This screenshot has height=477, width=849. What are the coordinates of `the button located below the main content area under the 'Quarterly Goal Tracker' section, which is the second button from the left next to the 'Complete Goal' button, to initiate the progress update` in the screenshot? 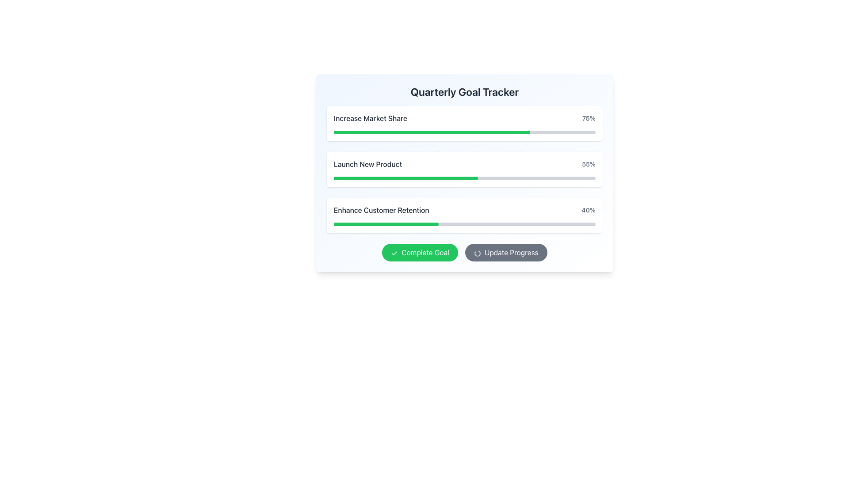 It's located at (506, 252).